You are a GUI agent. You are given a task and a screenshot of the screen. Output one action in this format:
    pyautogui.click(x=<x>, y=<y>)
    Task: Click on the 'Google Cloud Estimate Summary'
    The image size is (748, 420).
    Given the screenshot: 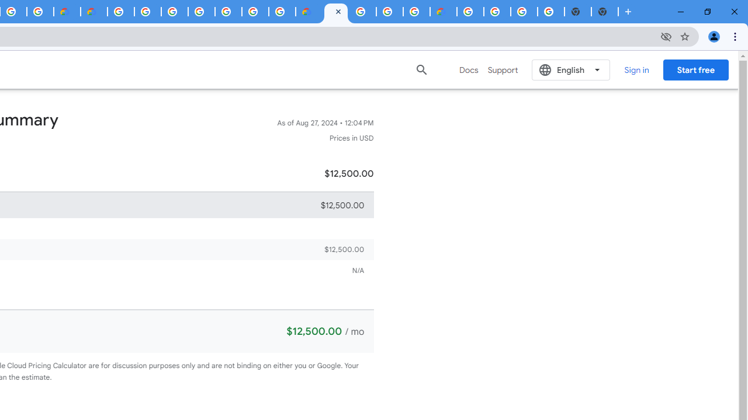 What is the action you would take?
    pyautogui.click(x=335, y=12)
    